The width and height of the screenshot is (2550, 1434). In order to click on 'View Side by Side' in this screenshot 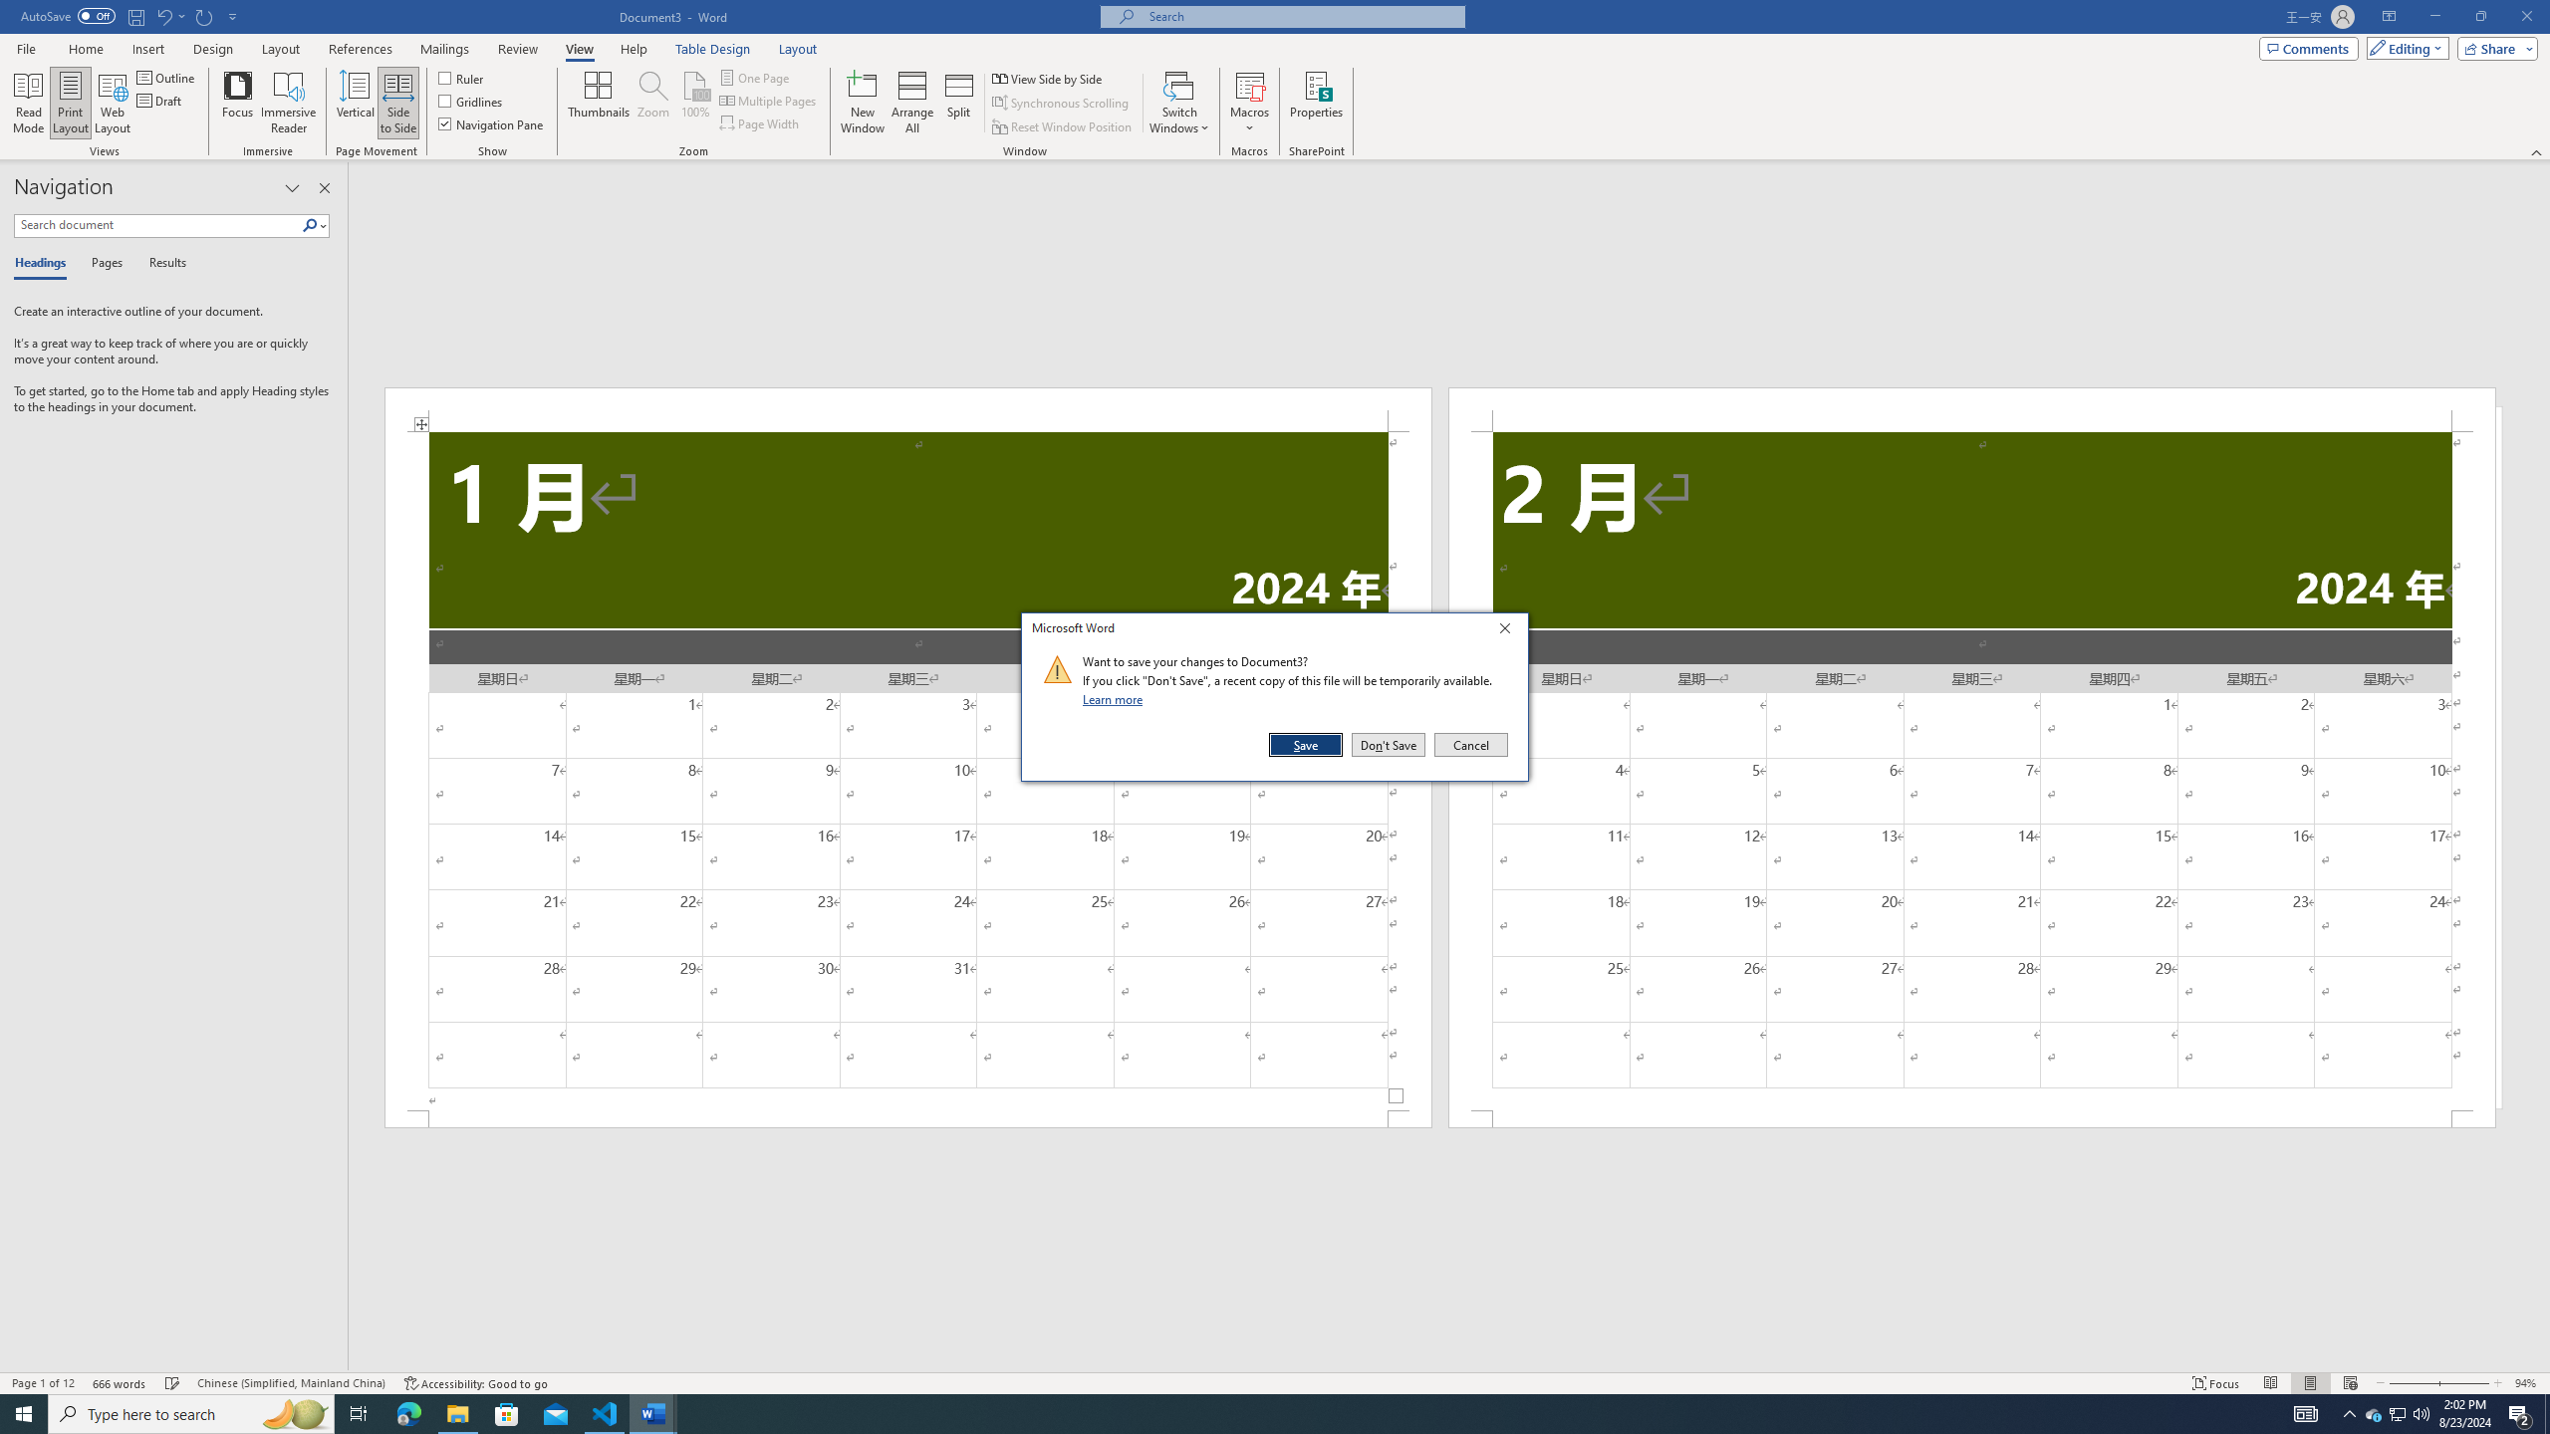, I will do `click(1048, 78)`.